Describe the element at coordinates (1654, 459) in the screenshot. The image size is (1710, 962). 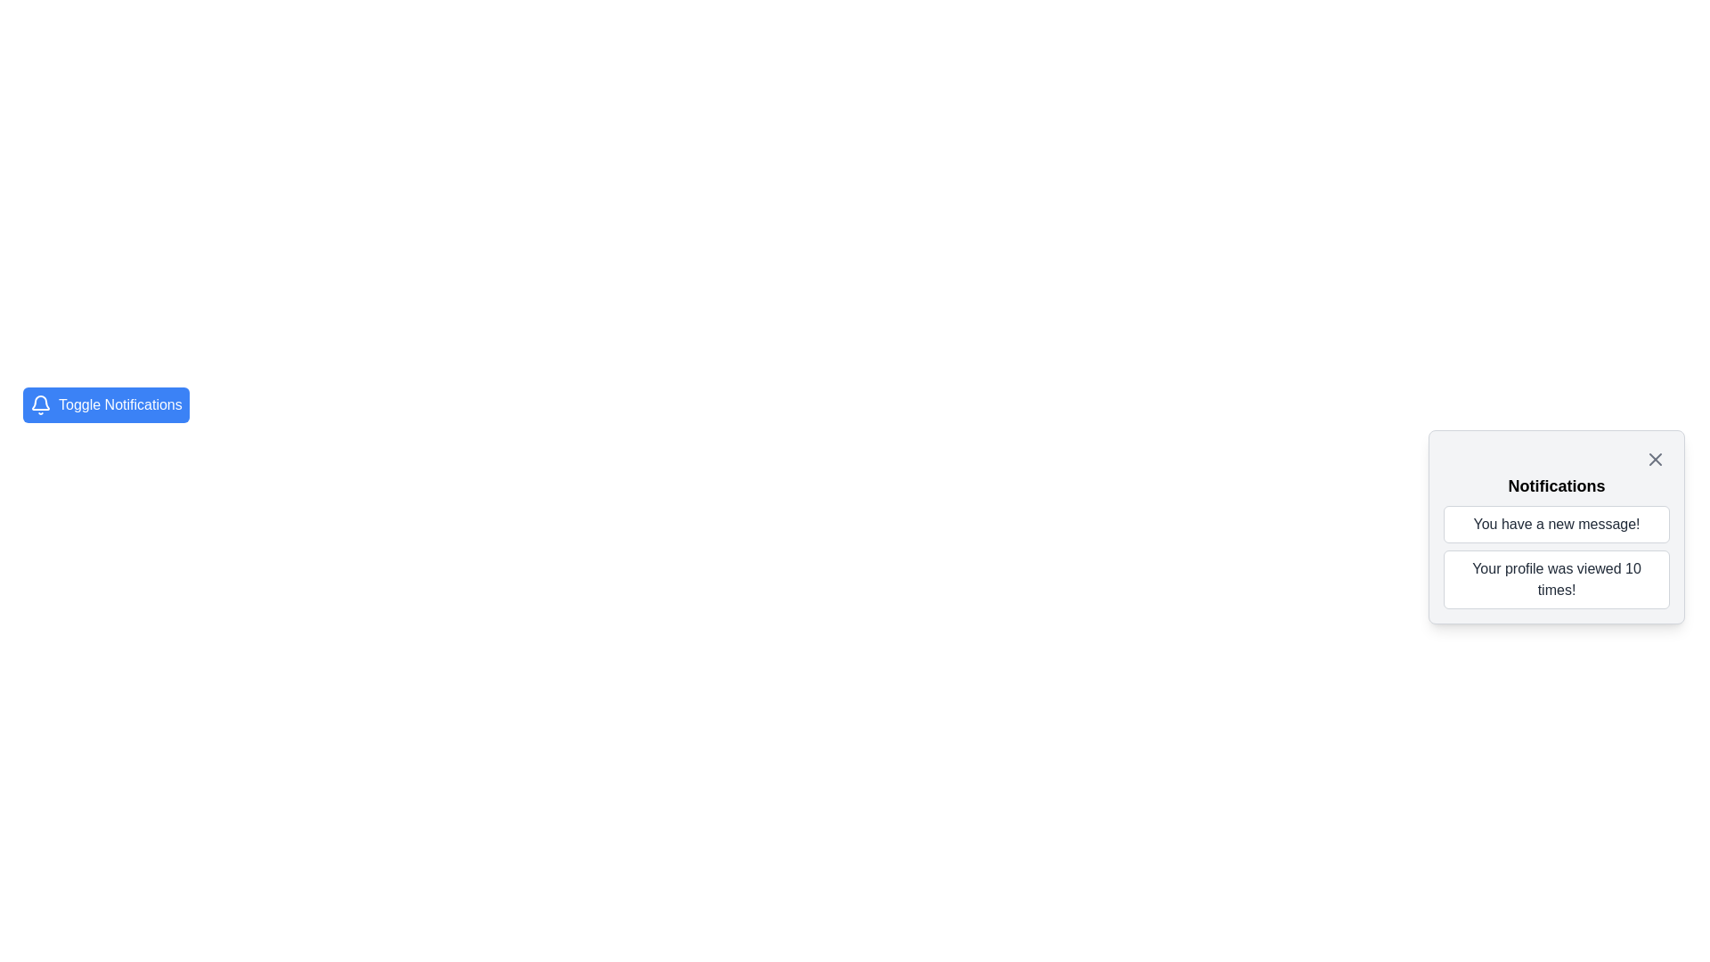
I see `the 'X' shaped close button located at the top-right corner of the notification popup to trigger possible UI responses` at that location.